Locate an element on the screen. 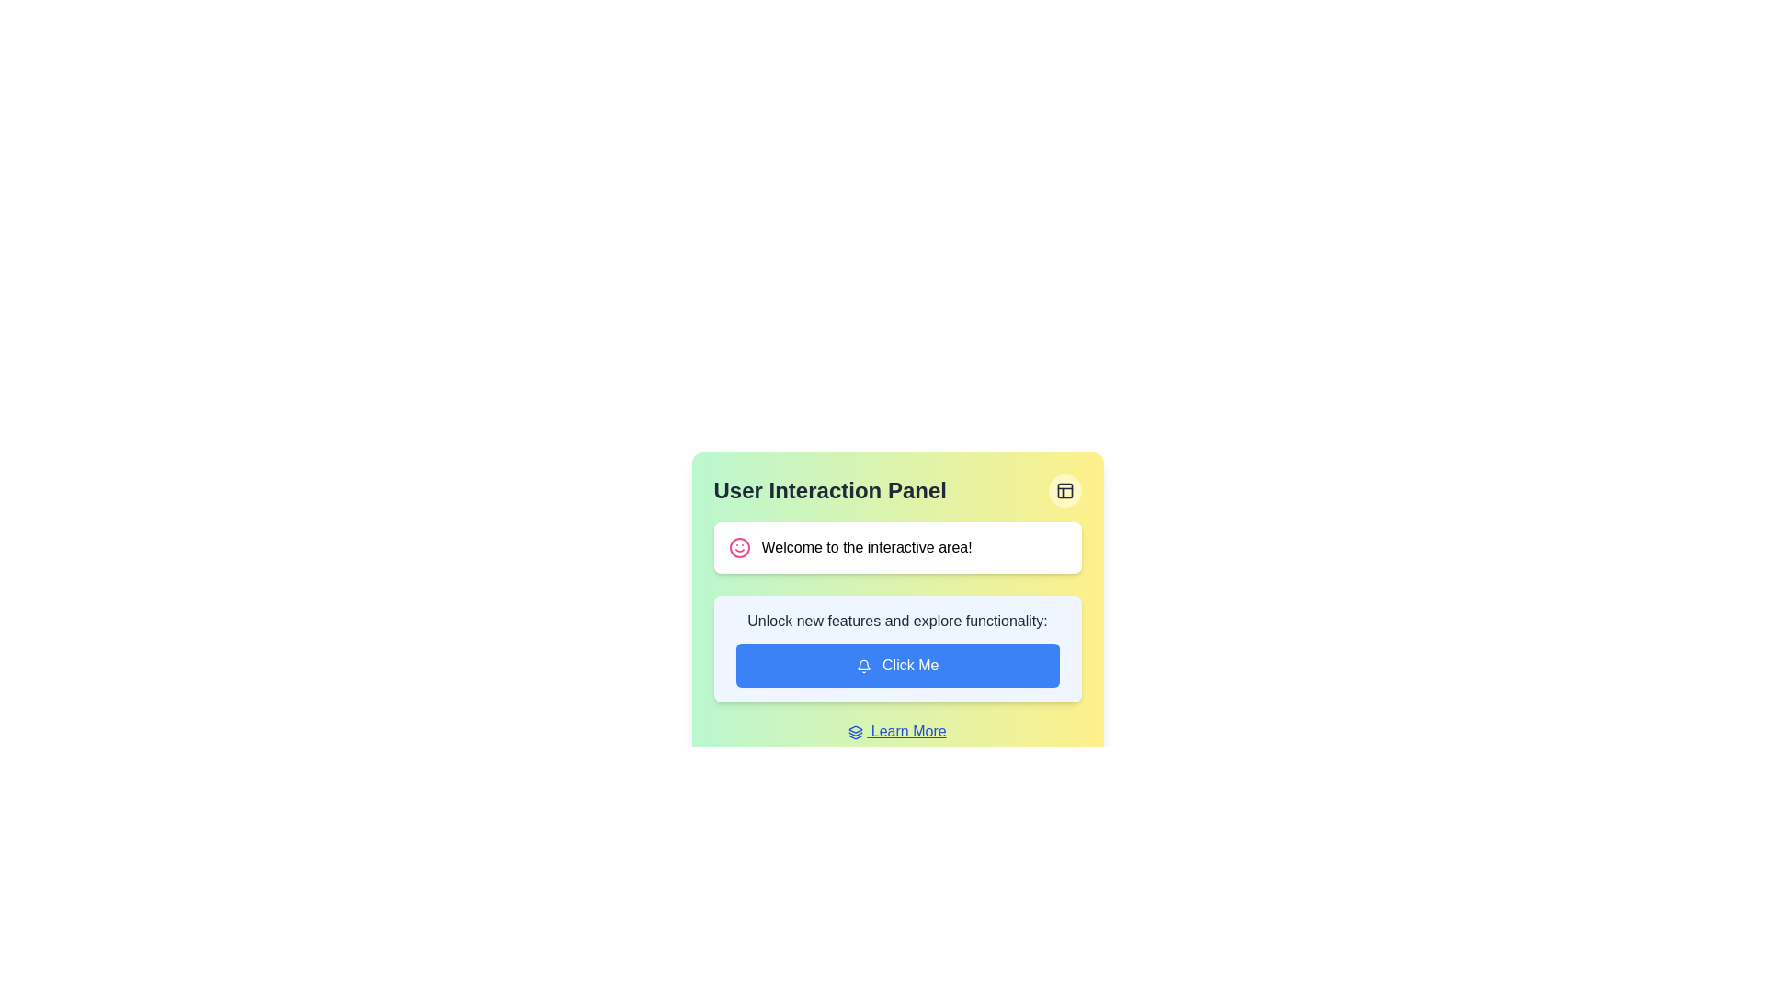 The image size is (1765, 993). the 'Learn More' hyperlink styled as a button located at the bottom center of the 'User Interaction Panel' is located at coordinates (897, 730).